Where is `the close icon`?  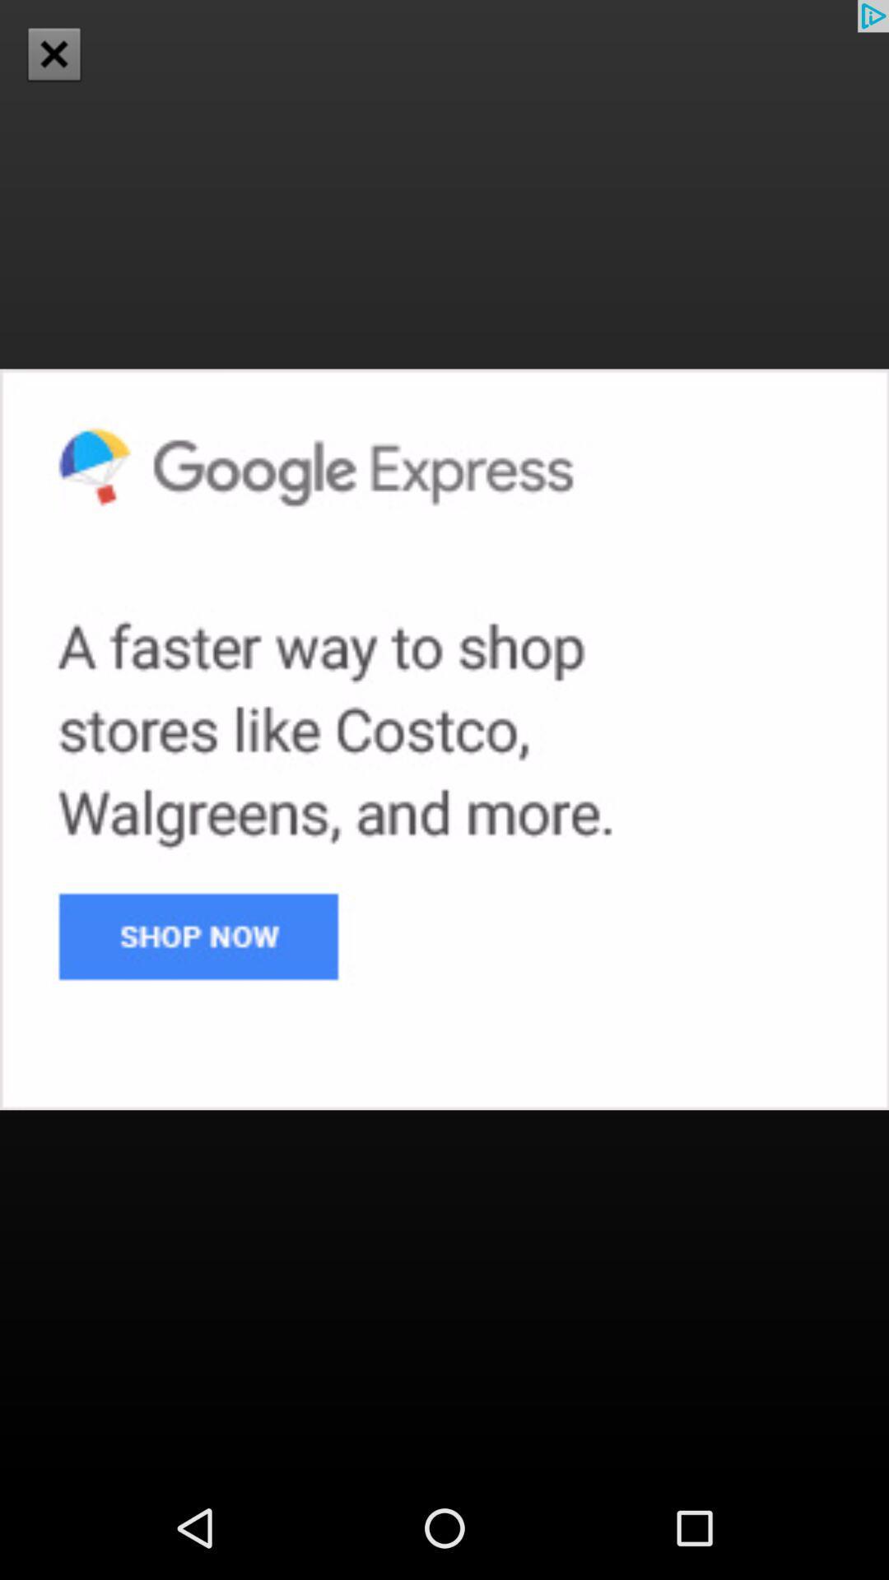 the close icon is located at coordinates (53, 58).